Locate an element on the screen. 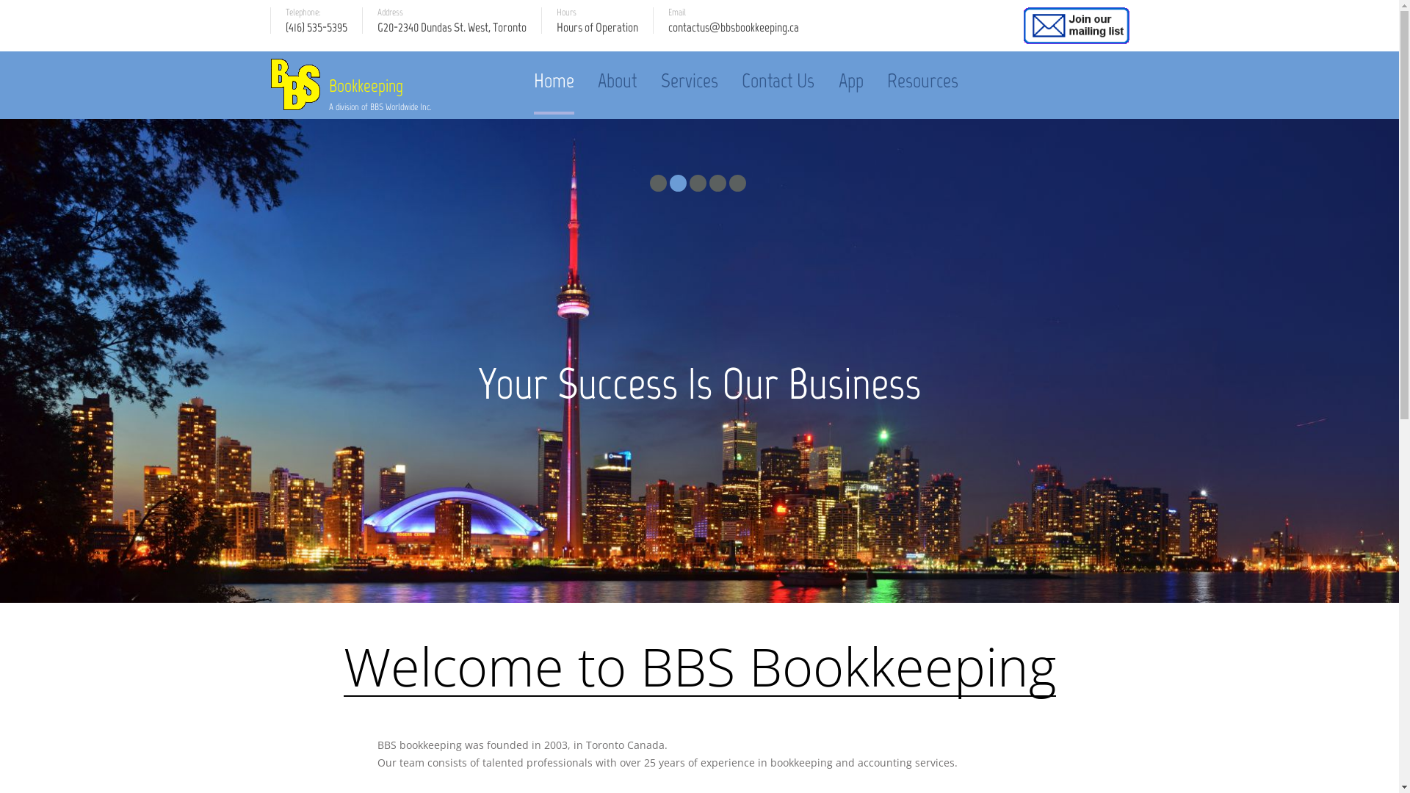  'App' is located at coordinates (850, 80).